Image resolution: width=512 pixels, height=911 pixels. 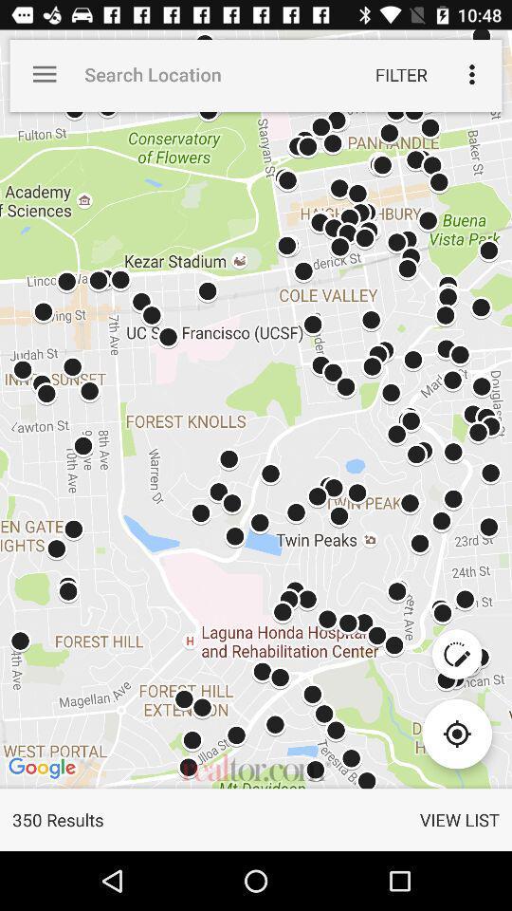 I want to click on item to the right of filter item, so click(x=470, y=74).